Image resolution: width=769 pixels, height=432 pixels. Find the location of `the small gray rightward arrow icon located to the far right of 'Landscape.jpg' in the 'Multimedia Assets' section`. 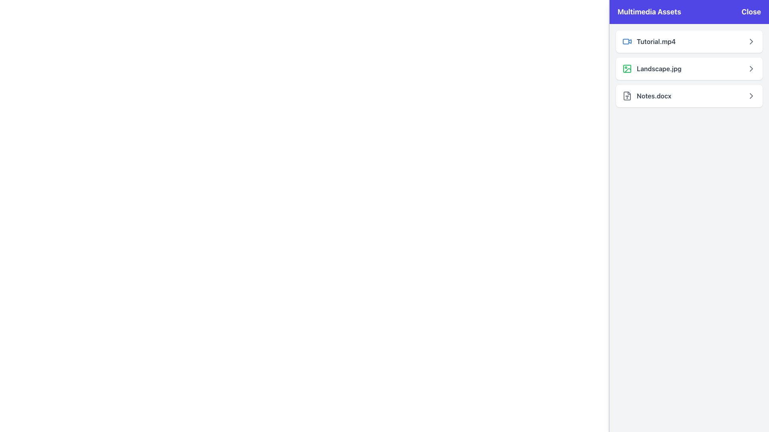

the small gray rightward arrow icon located to the far right of 'Landscape.jpg' in the 'Multimedia Assets' section is located at coordinates (751, 68).